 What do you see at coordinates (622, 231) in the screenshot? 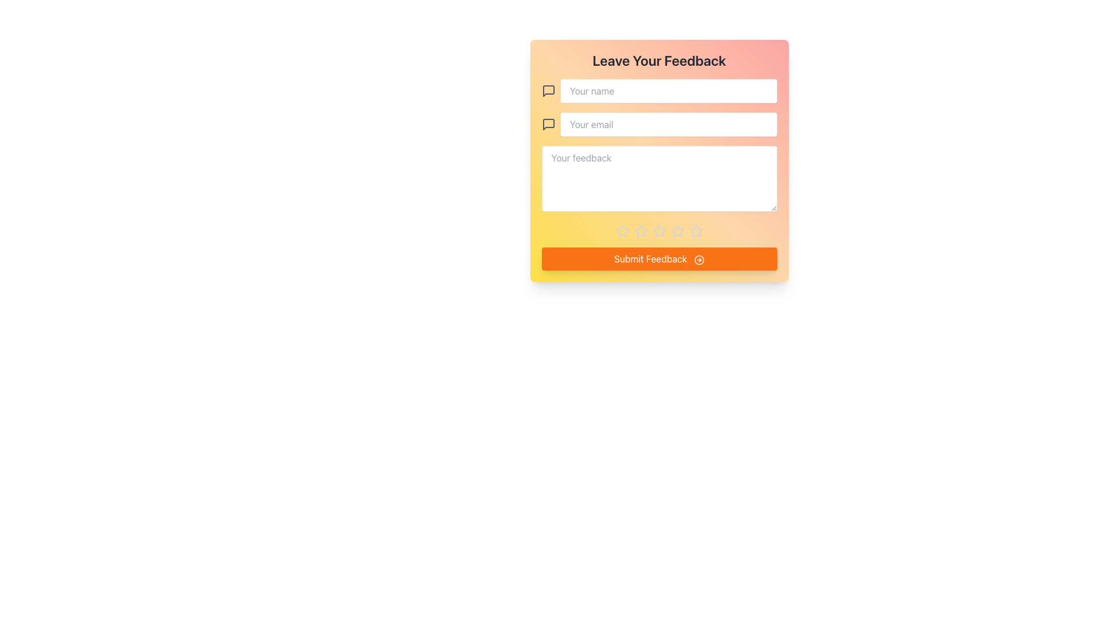
I see `the first star in the Star Rating Icon row` at bounding box center [622, 231].